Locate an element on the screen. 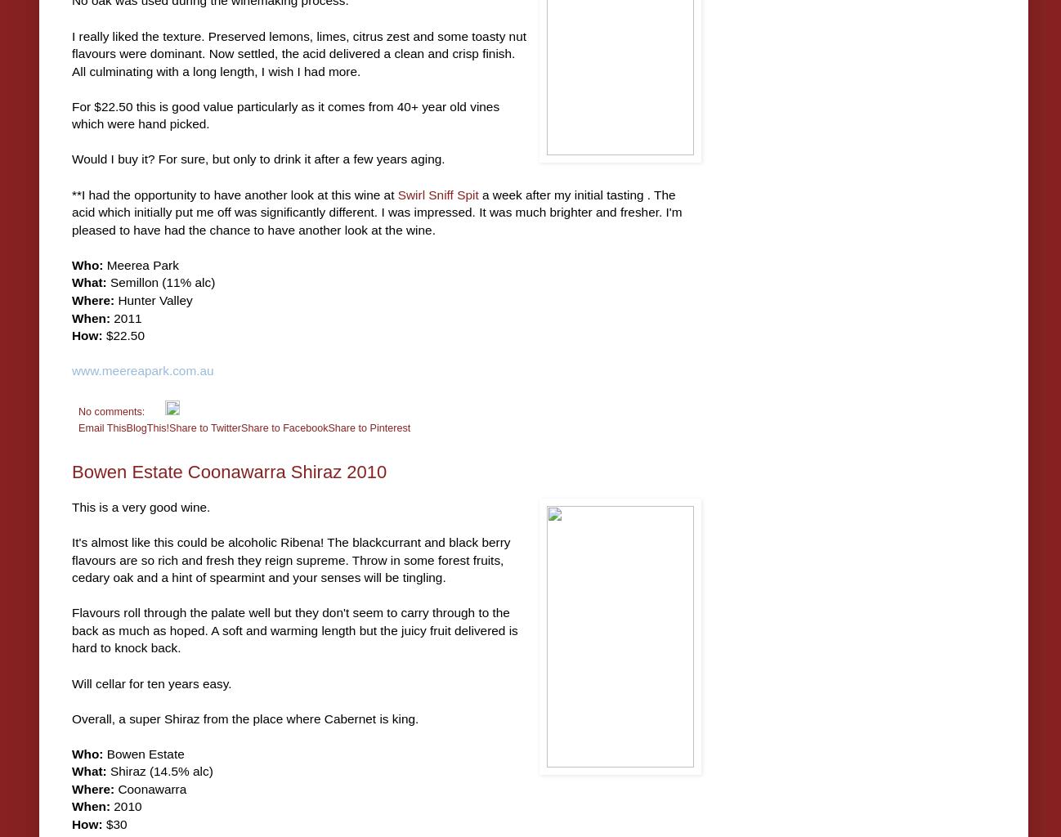 This screenshot has height=837, width=1061. 'I really liked the texture. Preserved lemons, limes, citrus zest and some toasty nut flavours were dominant. Now settled, the acid delivered a clean and crisp finish. All culminating with a long length, I wish I had more.' is located at coordinates (299, 52).